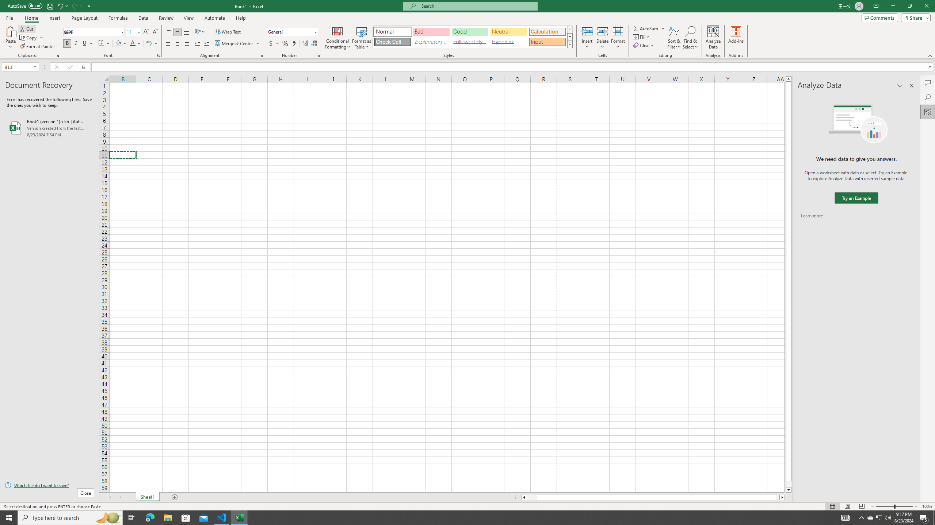  I want to click on 'Center', so click(177, 43).